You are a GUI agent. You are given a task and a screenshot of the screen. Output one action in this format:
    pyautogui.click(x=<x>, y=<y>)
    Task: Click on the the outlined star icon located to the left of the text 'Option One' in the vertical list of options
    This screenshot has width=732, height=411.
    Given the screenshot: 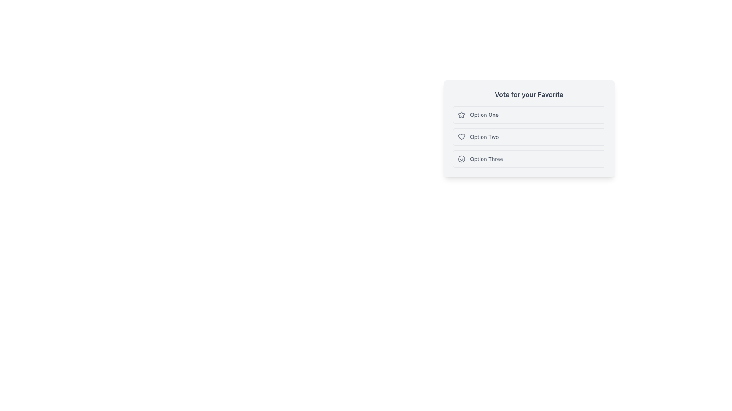 What is the action you would take?
    pyautogui.click(x=461, y=114)
    